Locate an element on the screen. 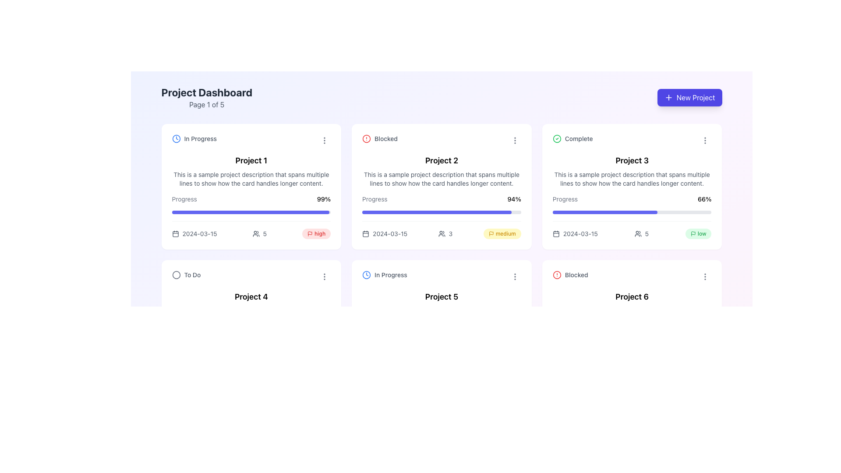 The image size is (841, 473). text display element showing '94%' that is adjacent to the word 'Progress' in the 'Project 2' card on the dashboard is located at coordinates (514, 199).